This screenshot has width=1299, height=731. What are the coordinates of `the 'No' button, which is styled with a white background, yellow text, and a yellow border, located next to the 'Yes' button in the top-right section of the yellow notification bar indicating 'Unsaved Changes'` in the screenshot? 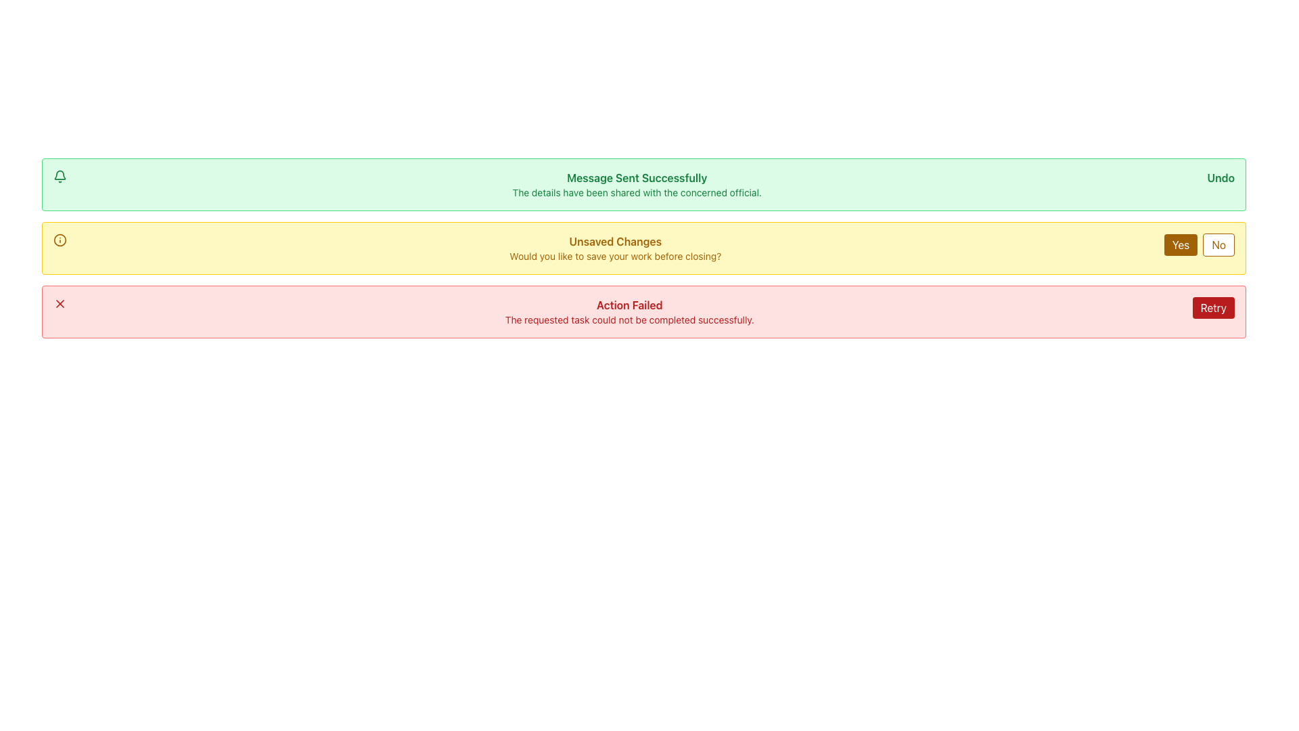 It's located at (1218, 245).